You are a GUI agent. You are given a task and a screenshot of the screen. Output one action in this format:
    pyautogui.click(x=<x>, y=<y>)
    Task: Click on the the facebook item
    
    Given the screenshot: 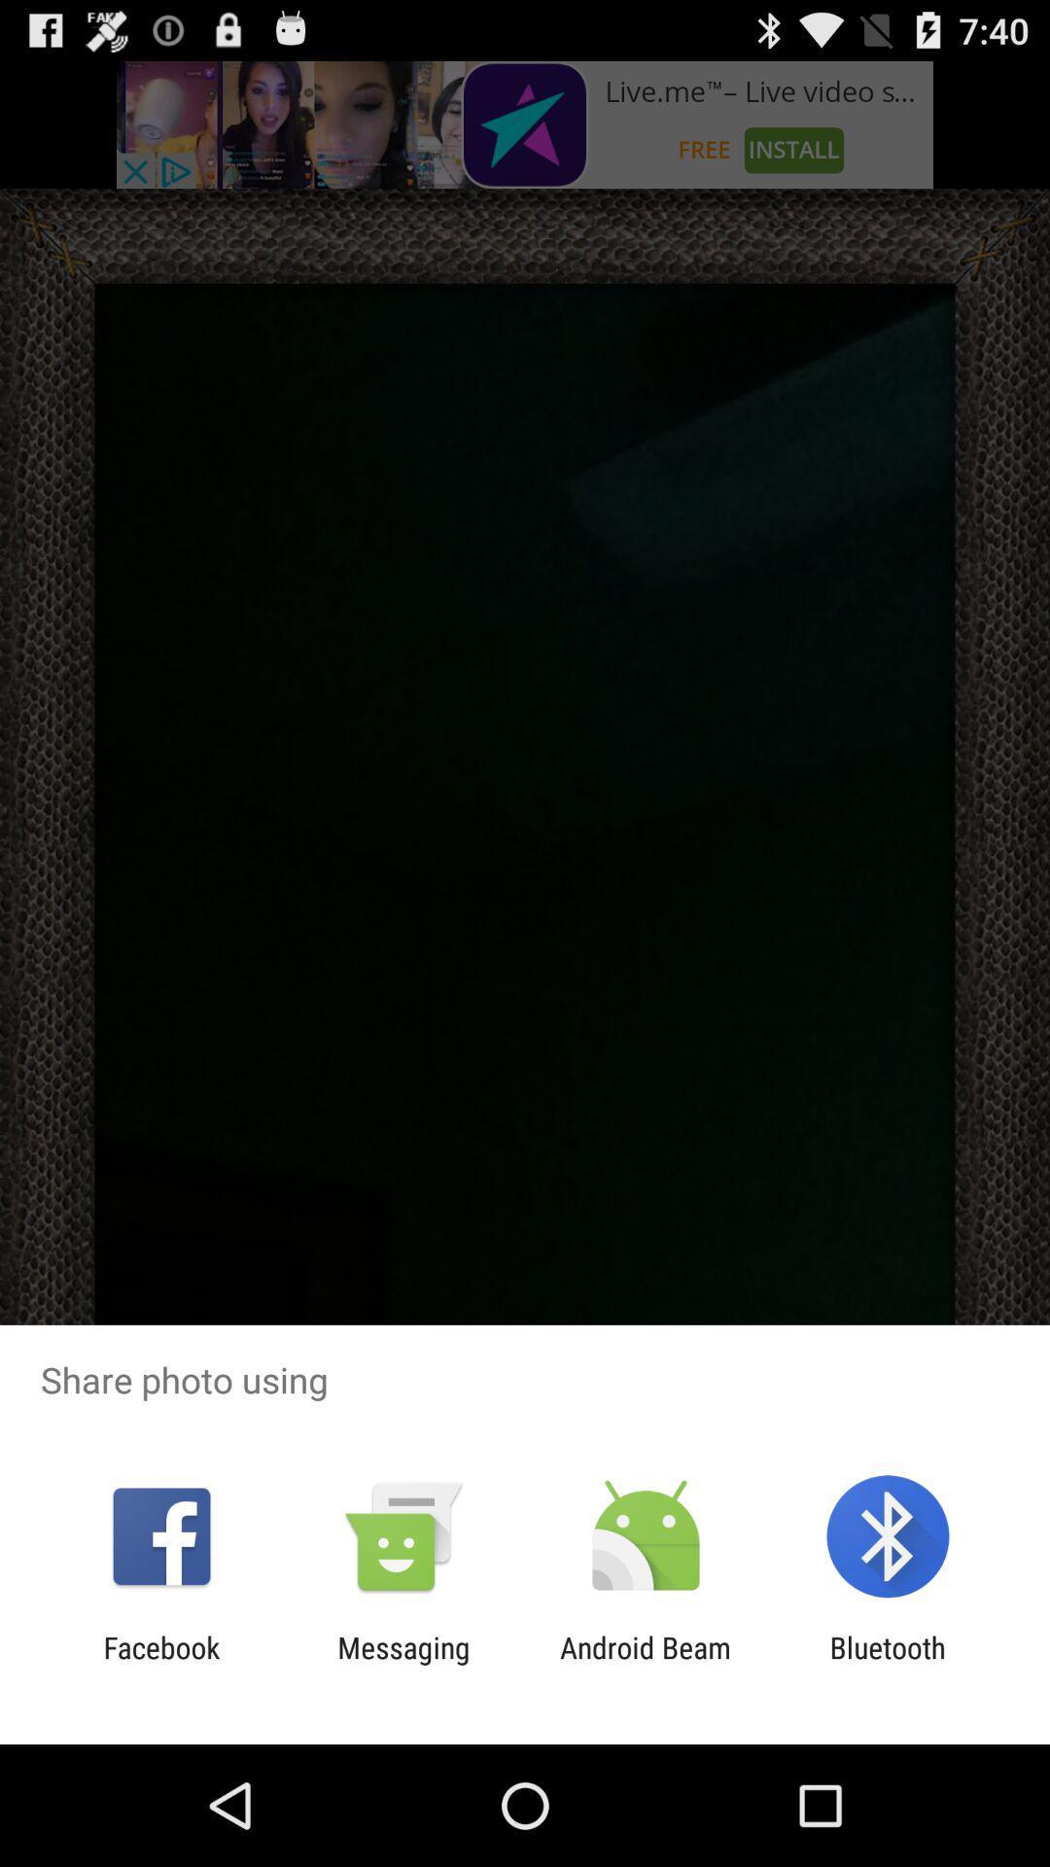 What is the action you would take?
    pyautogui.click(x=160, y=1664)
    